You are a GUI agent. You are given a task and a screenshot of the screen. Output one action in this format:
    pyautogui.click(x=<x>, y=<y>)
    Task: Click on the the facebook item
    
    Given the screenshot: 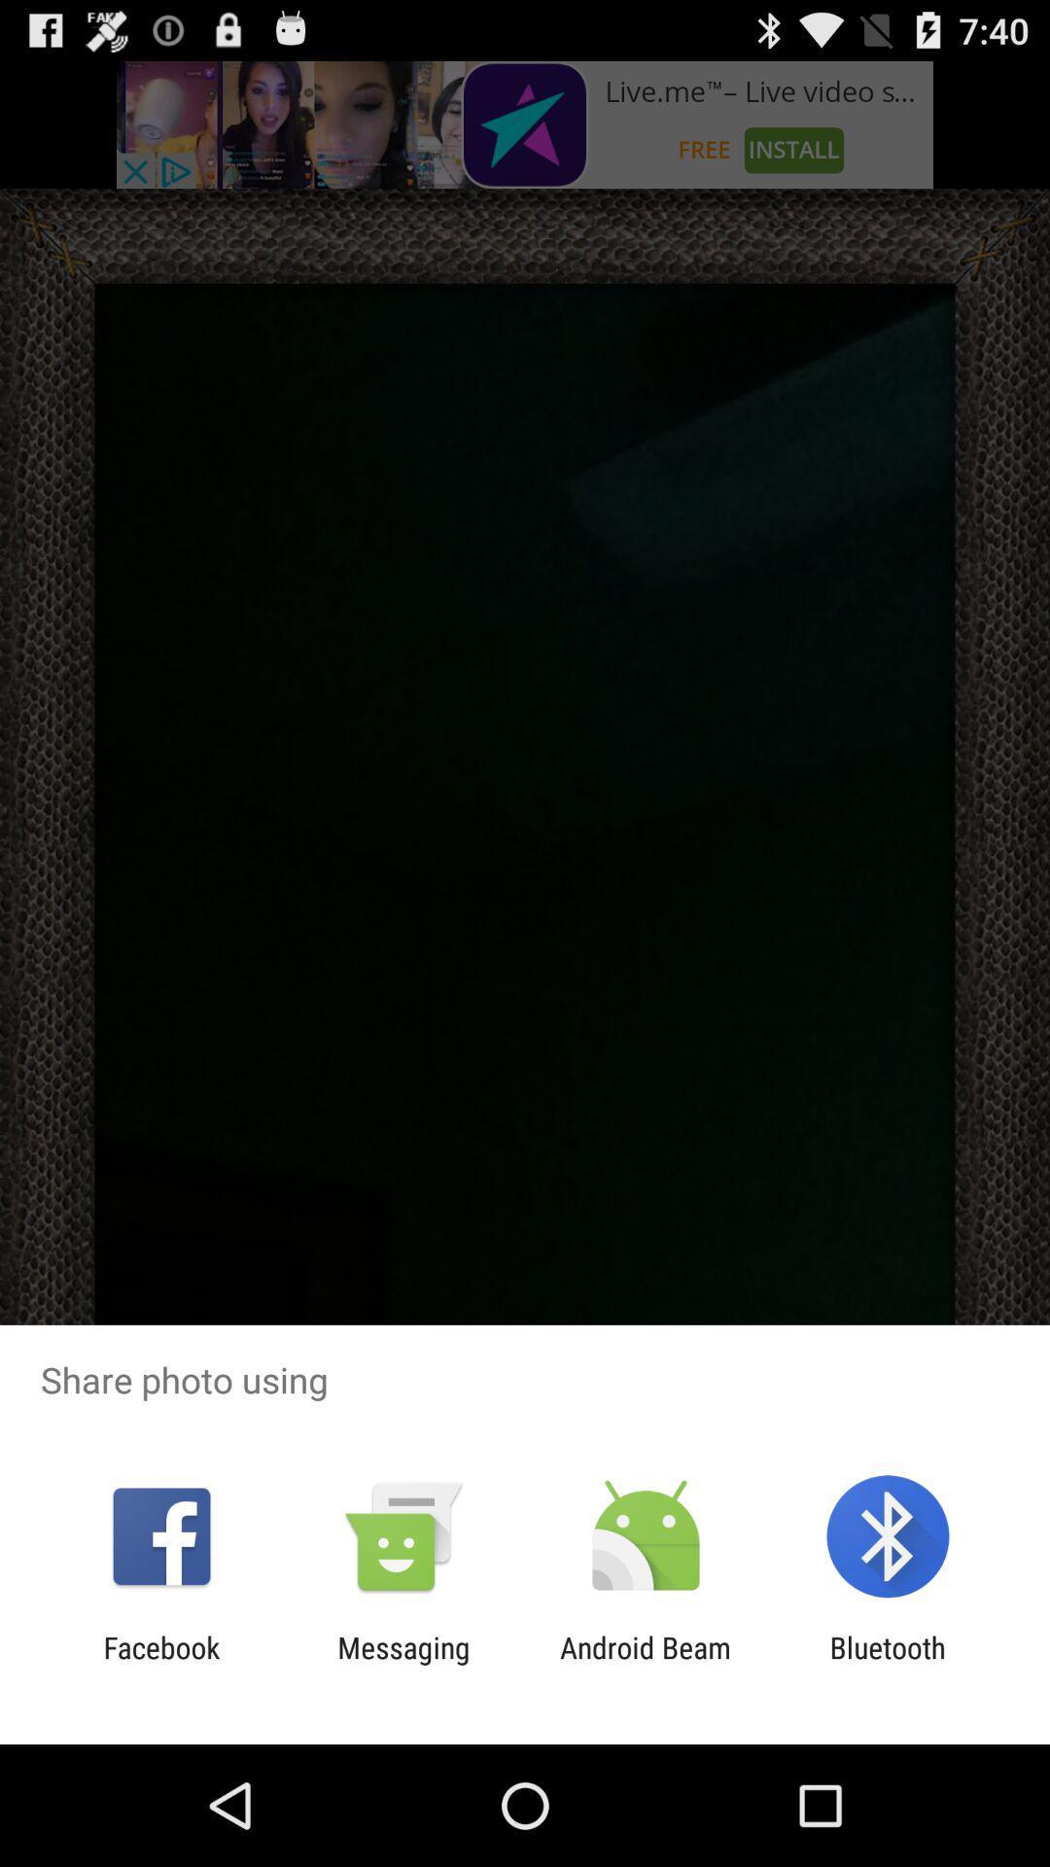 What is the action you would take?
    pyautogui.click(x=160, y=1664)
    